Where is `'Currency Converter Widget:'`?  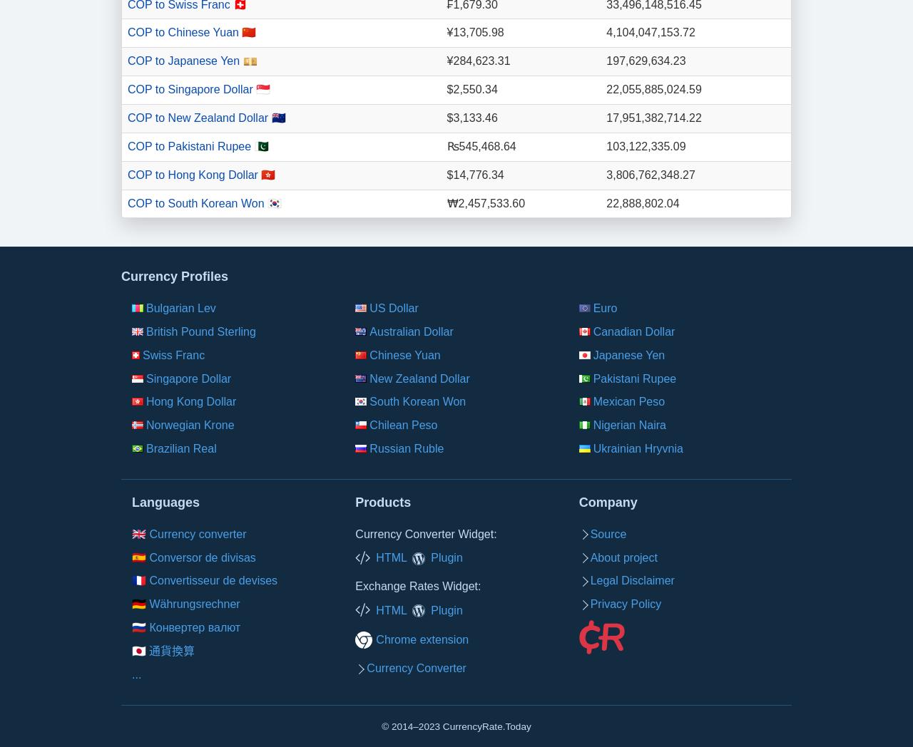 'Currency Converter Widget:' is located at coordinates (424, 533).